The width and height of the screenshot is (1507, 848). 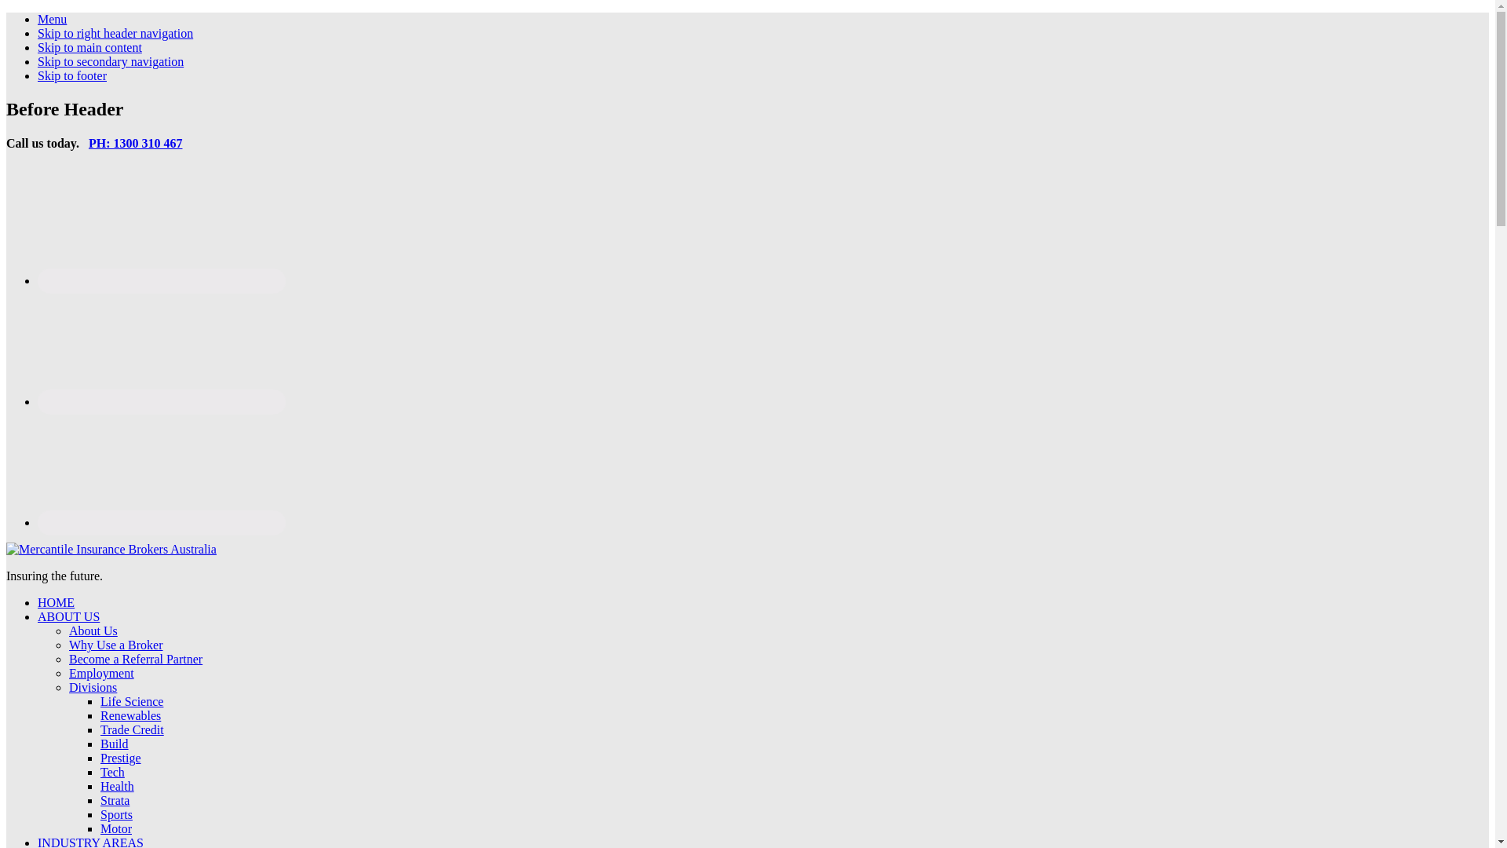 I want to click on 'Prestige', so click(x=119, y=757).